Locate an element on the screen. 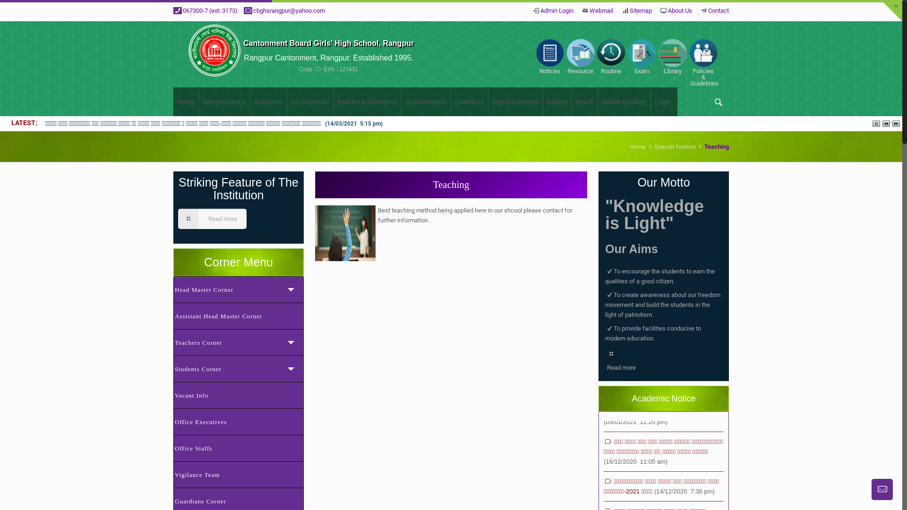 This screenshot has width=907, height=510. 'Mobile Banking' is located at coordinates (598, 102).